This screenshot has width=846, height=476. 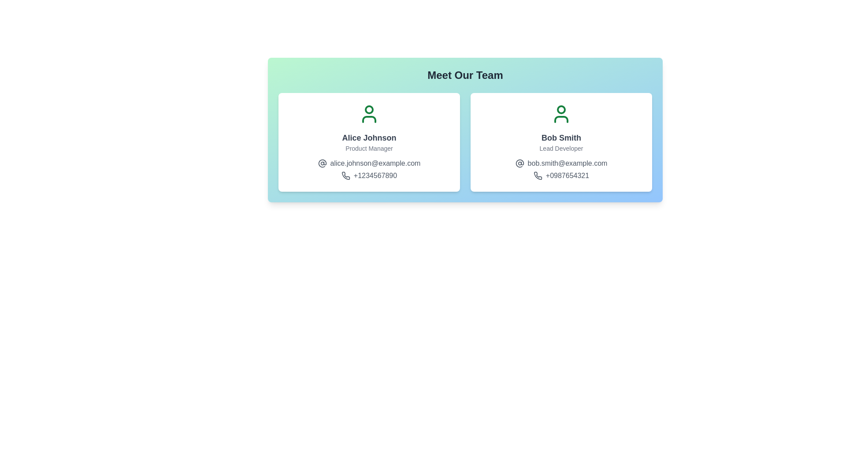 What do you see at coordinates (567, 175) in the screenshot?
I see `the phone number text label displayed in gray font color, located in the lower-right corner of Bob Smith's user card, below the email address and to the right of the phone icon` at bounding box center [567, 175].